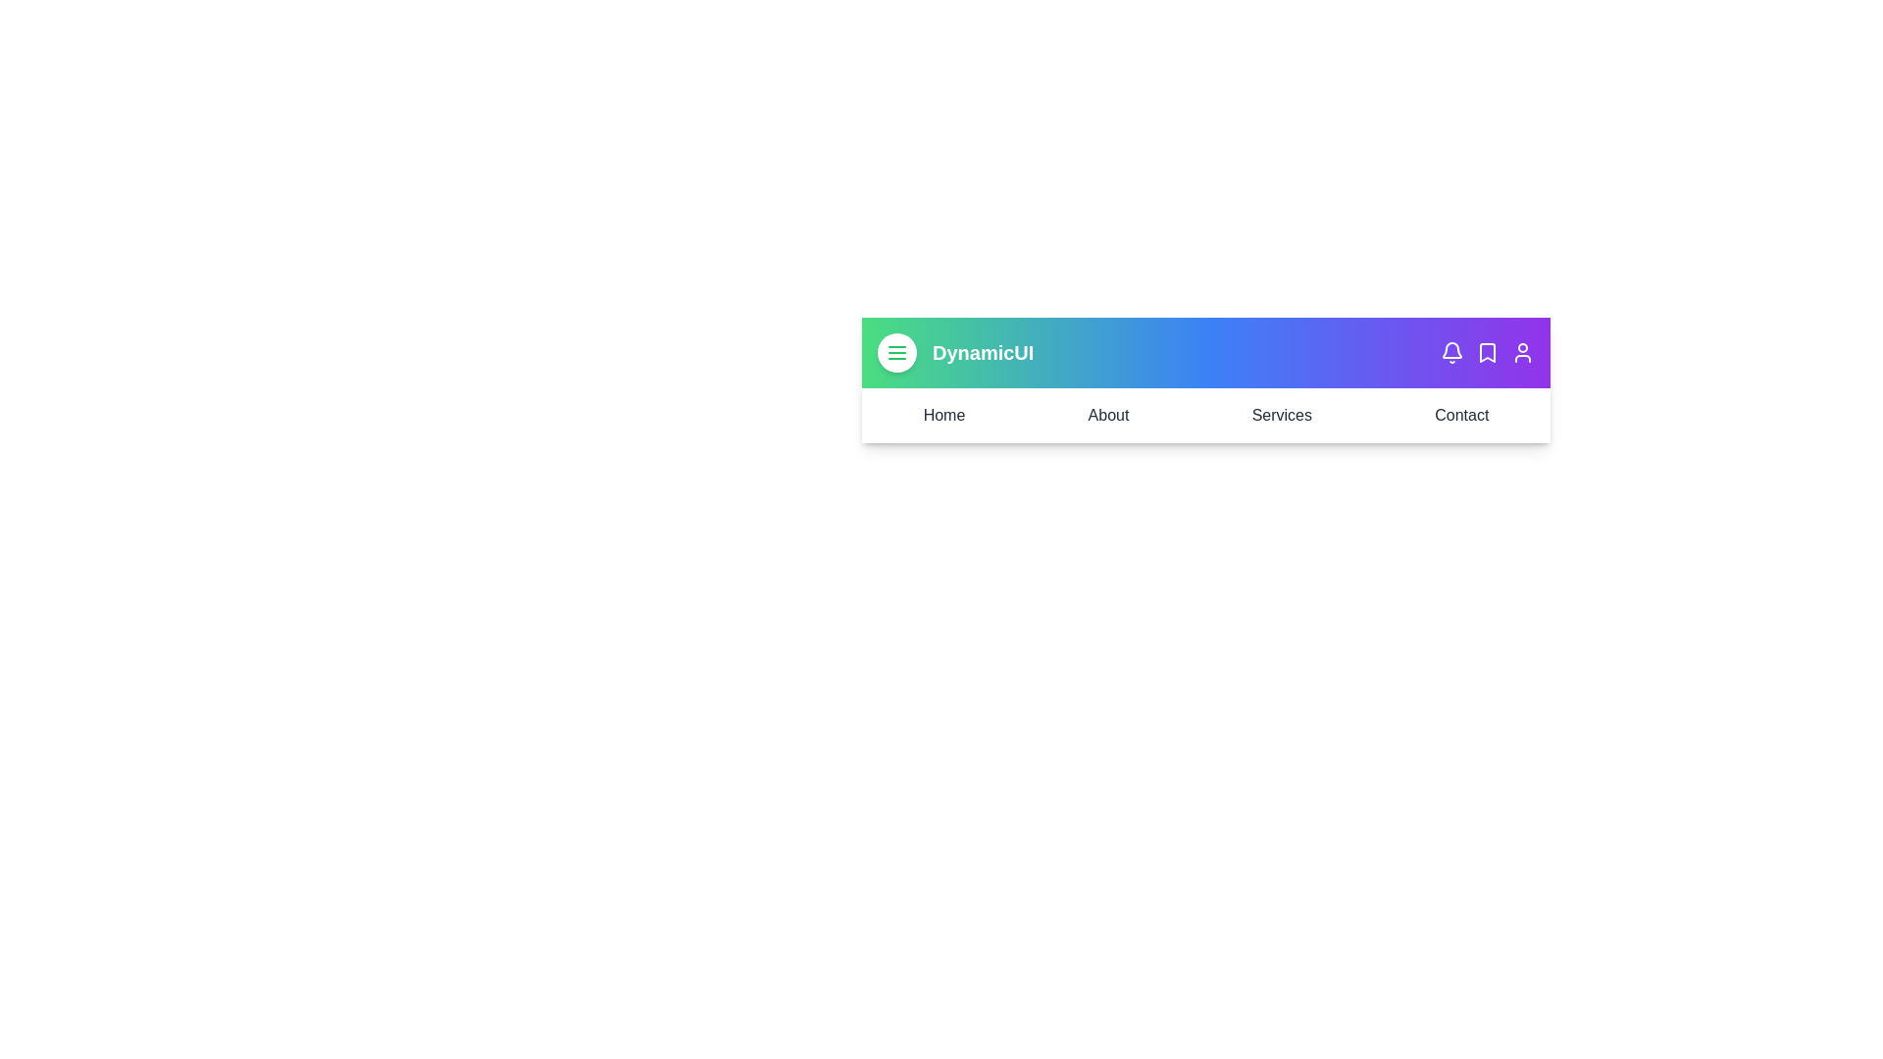 The width and height of the screenshot is (1883, 1059). I want to click on the menu link labeled About, so click(1108, 415).